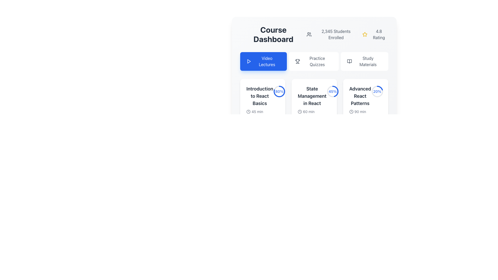 This screenshot has width=498, height=280. Describe the element at coordinates (377, 91) in the screenshot. I see `the changes in the circular progress indicator representing 20% completion for 'Advanced React Patterns' located in the upper-right section of its card` at that location.